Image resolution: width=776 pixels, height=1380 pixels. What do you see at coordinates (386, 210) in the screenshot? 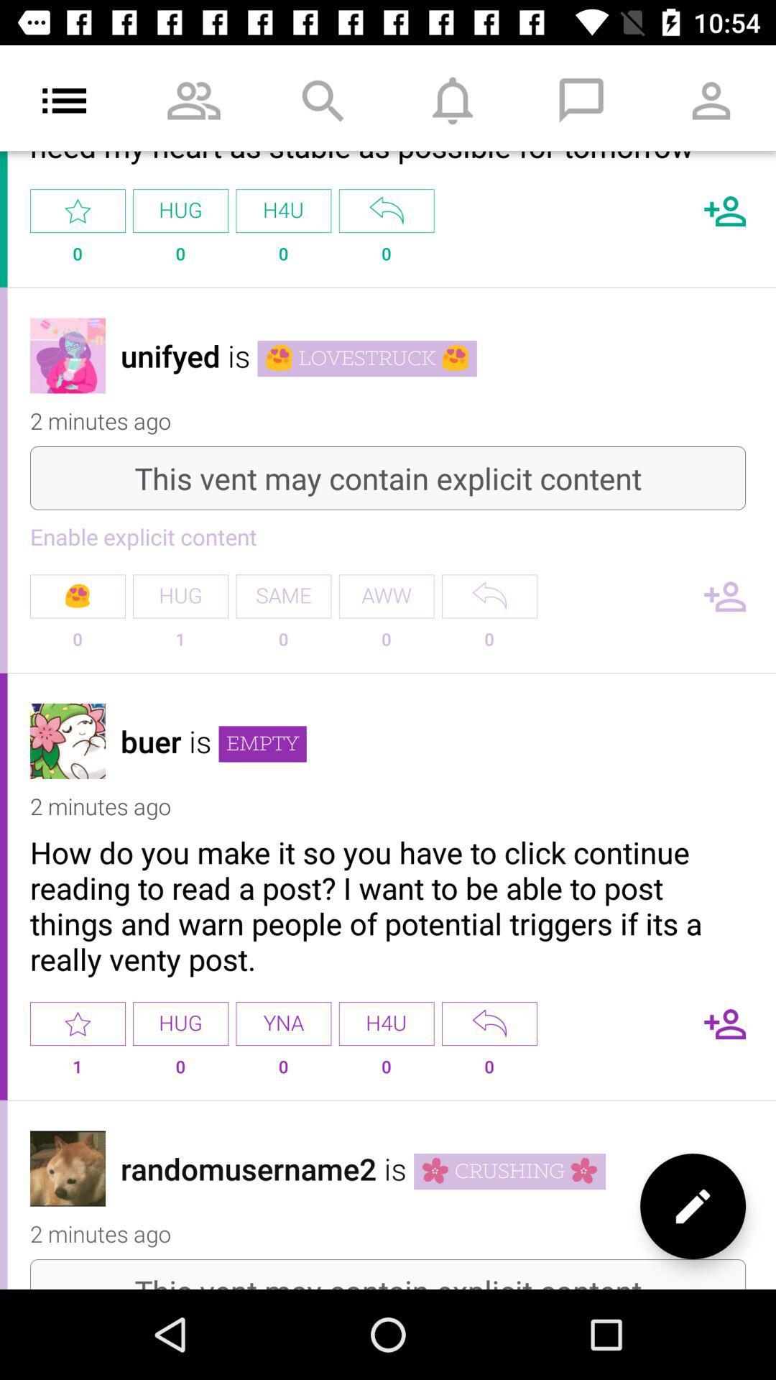
I see `go back` at bounding box center [386, 210].